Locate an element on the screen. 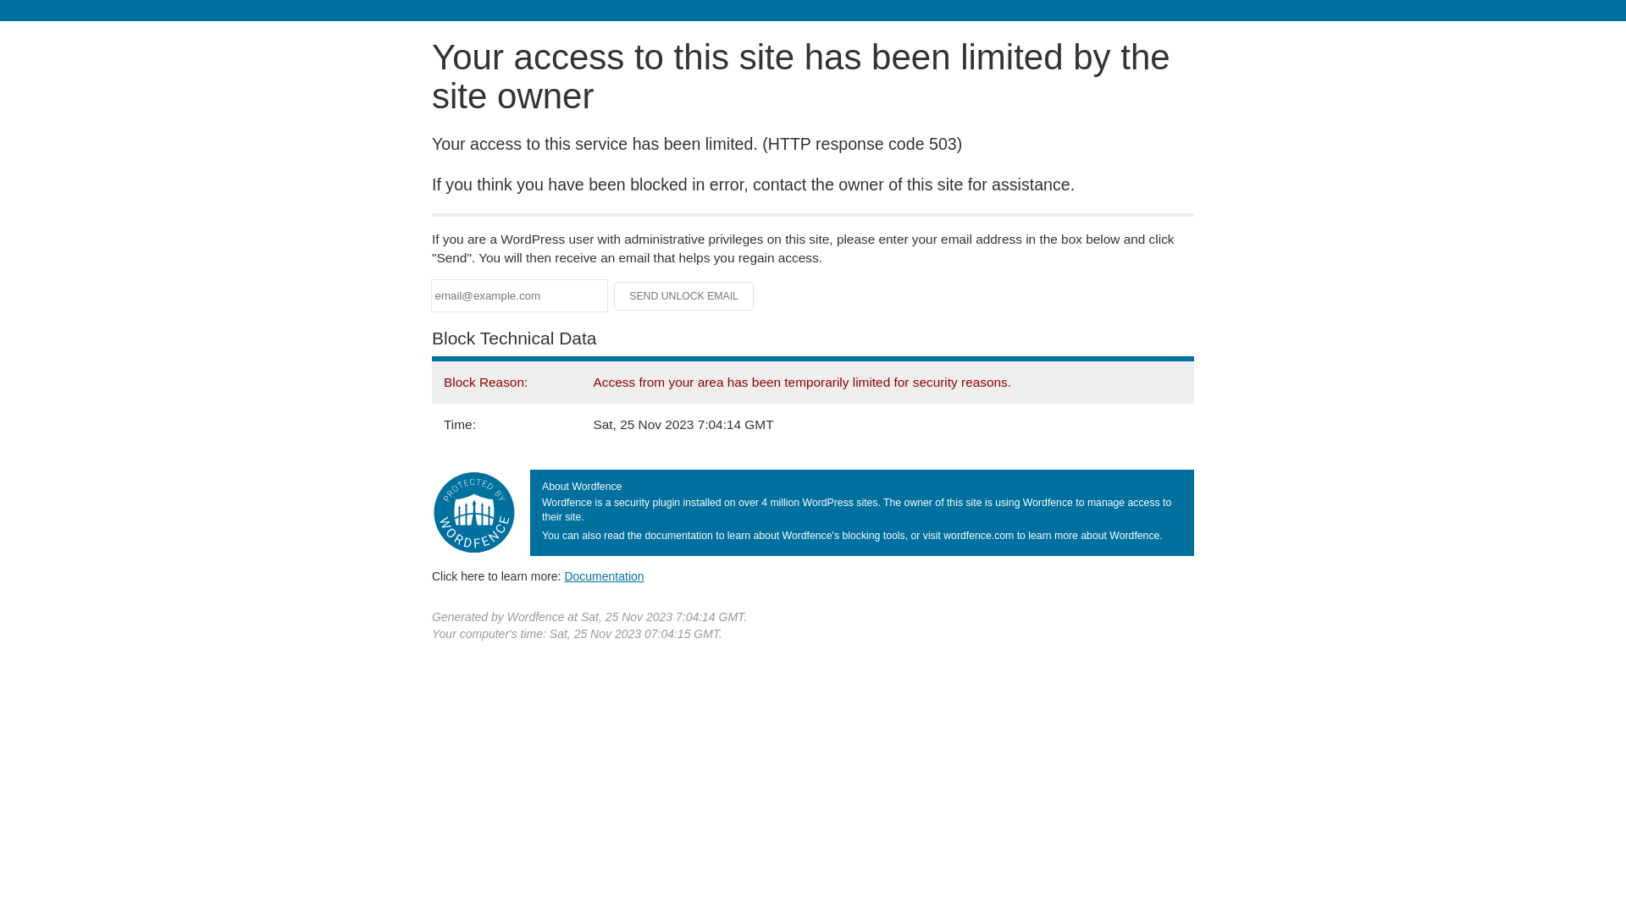 The height and width of the screenshot is (914, 1626). 'Send Unlock Email' is located at coordinates (612, 295).